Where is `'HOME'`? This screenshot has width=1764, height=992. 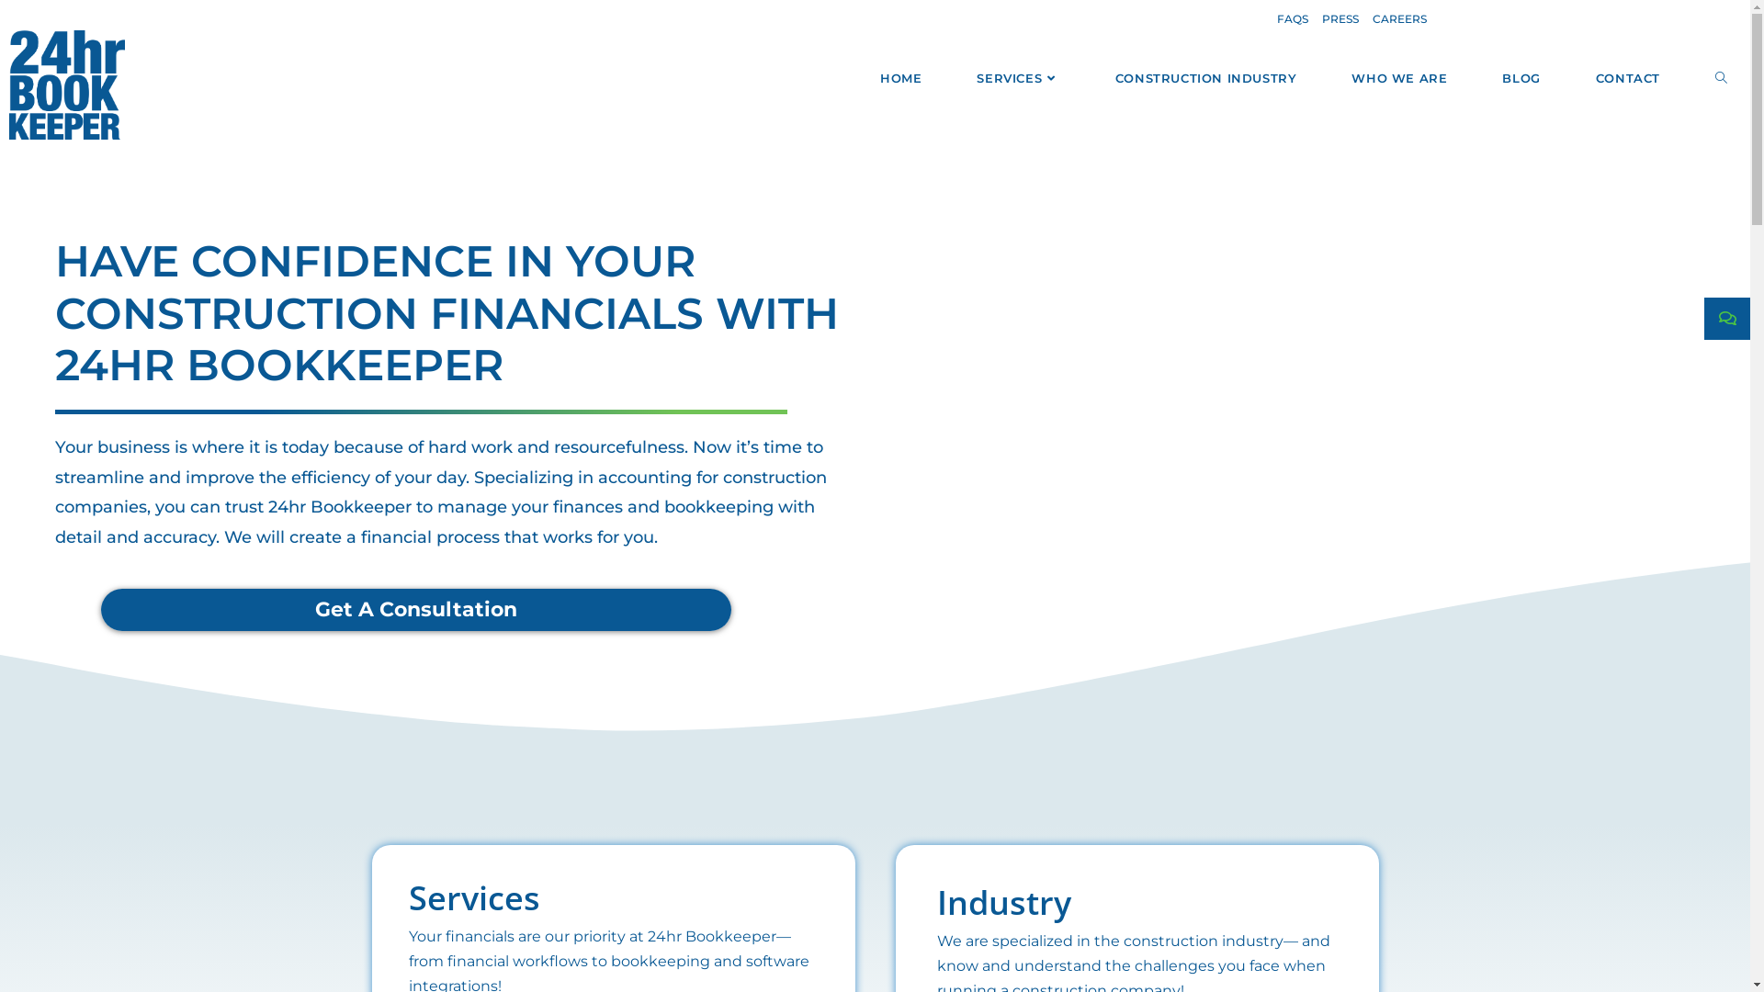
'HOME' is located at coordinates (900, 76).